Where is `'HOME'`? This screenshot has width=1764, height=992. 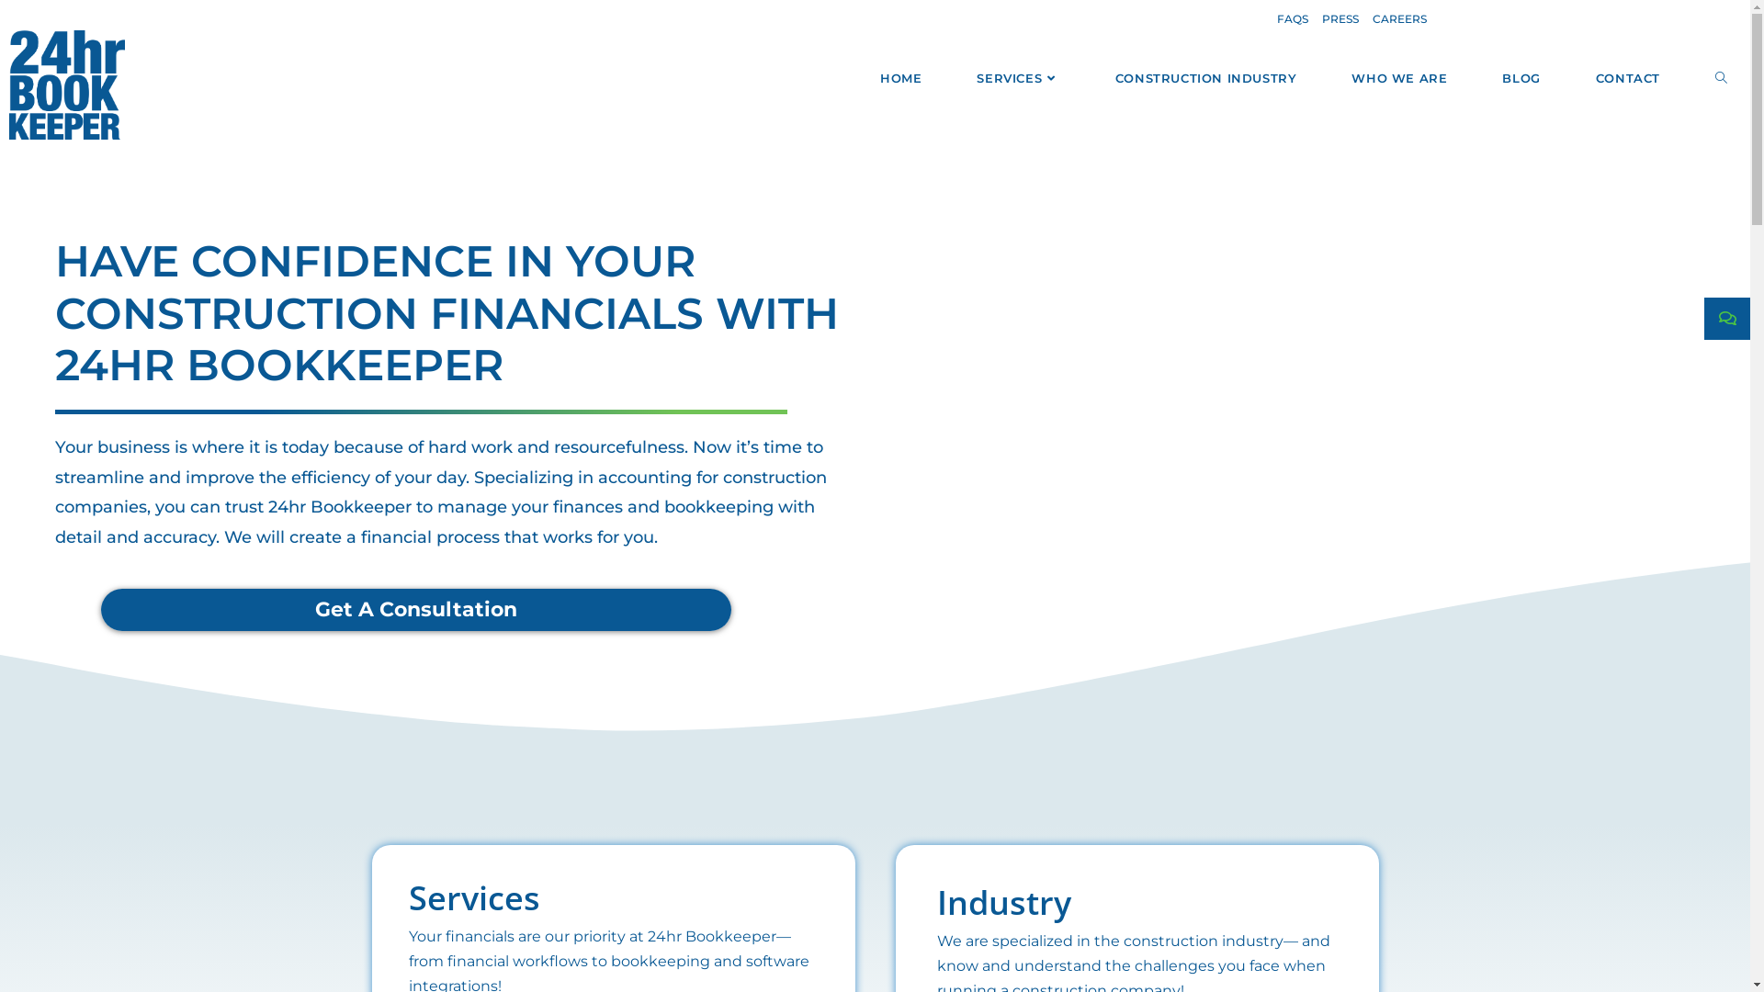
'HOME' is located at coordinates (900, 76).